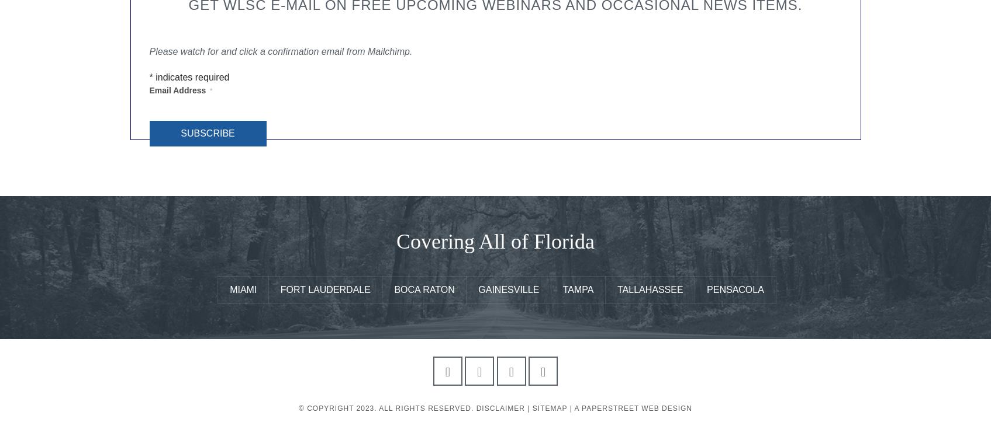 The image size is (991, 426). I want to click on 'indicates required', so click(191, 76).